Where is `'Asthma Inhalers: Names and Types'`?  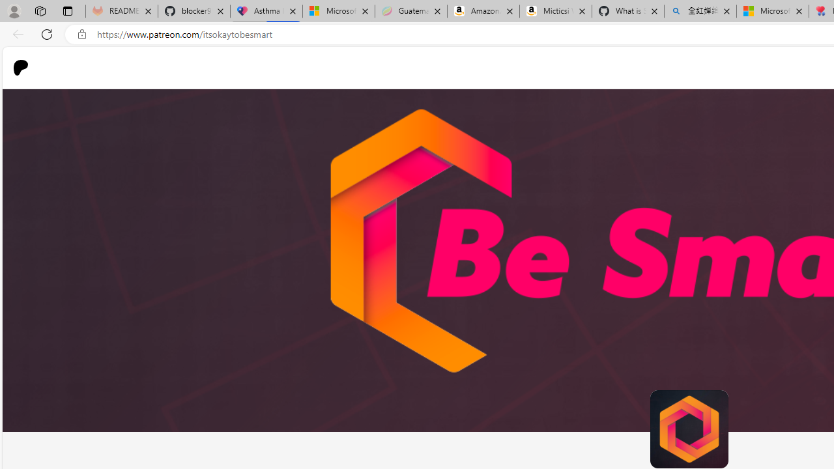 'Asthma Inhalers: Names and Types' is located at coordinates (266, 11).